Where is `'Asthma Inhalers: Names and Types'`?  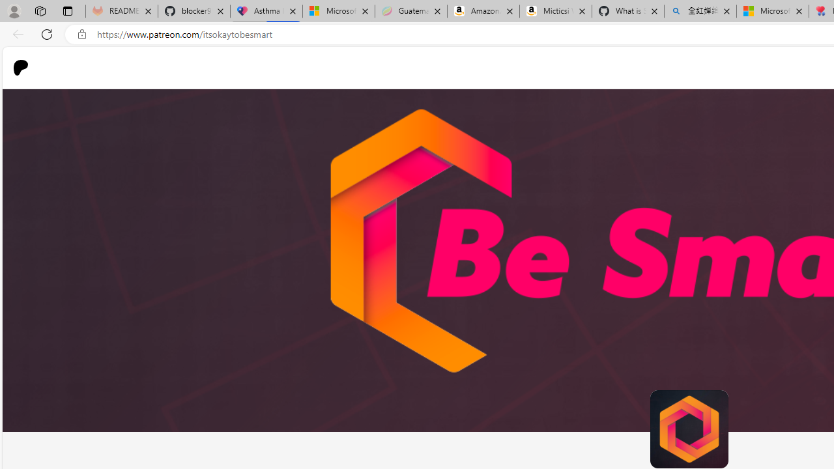 'Asthma Inhalers: Names and Types' is located at coordinates (266, 11).